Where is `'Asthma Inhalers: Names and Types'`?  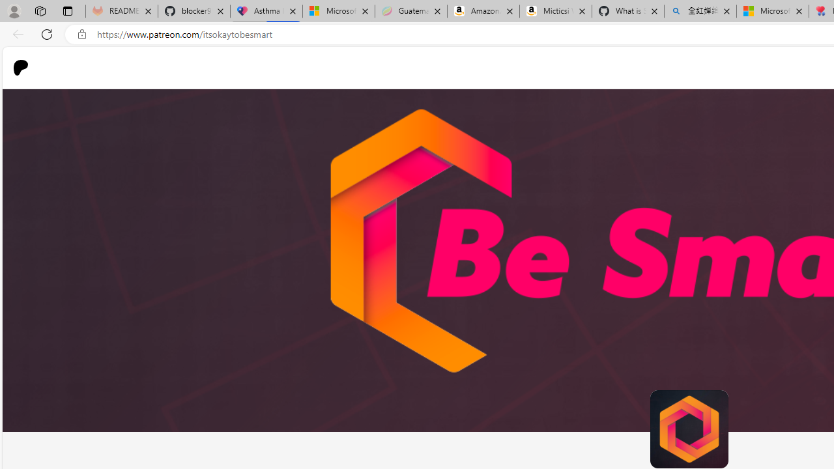 'Asthma Inhalers: Names and Types' is located at coordinates (266, 11).